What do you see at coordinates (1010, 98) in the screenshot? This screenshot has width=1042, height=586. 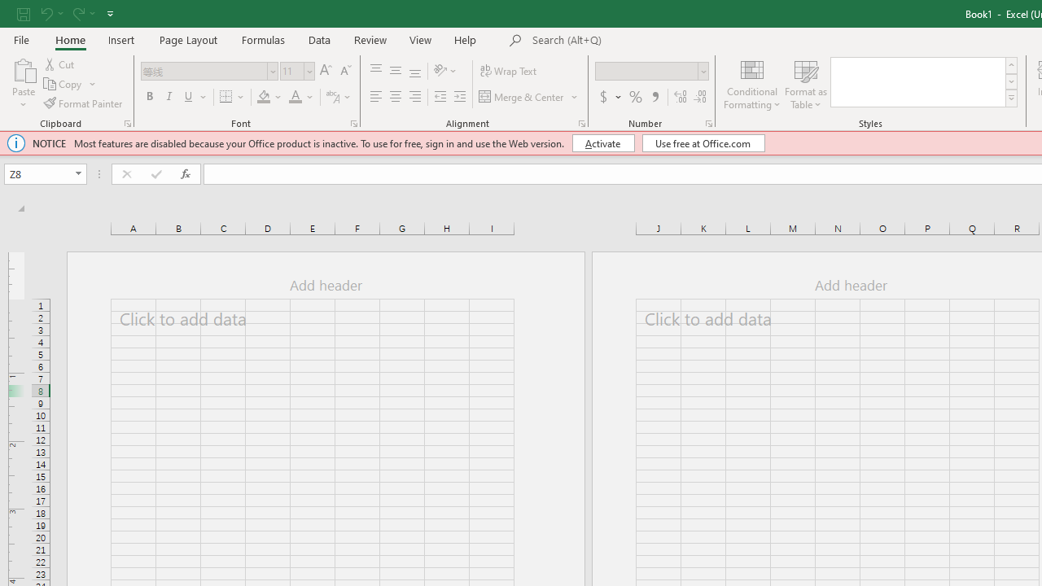 I see `'Cell Styles'` at bounding box center [1010, 98].